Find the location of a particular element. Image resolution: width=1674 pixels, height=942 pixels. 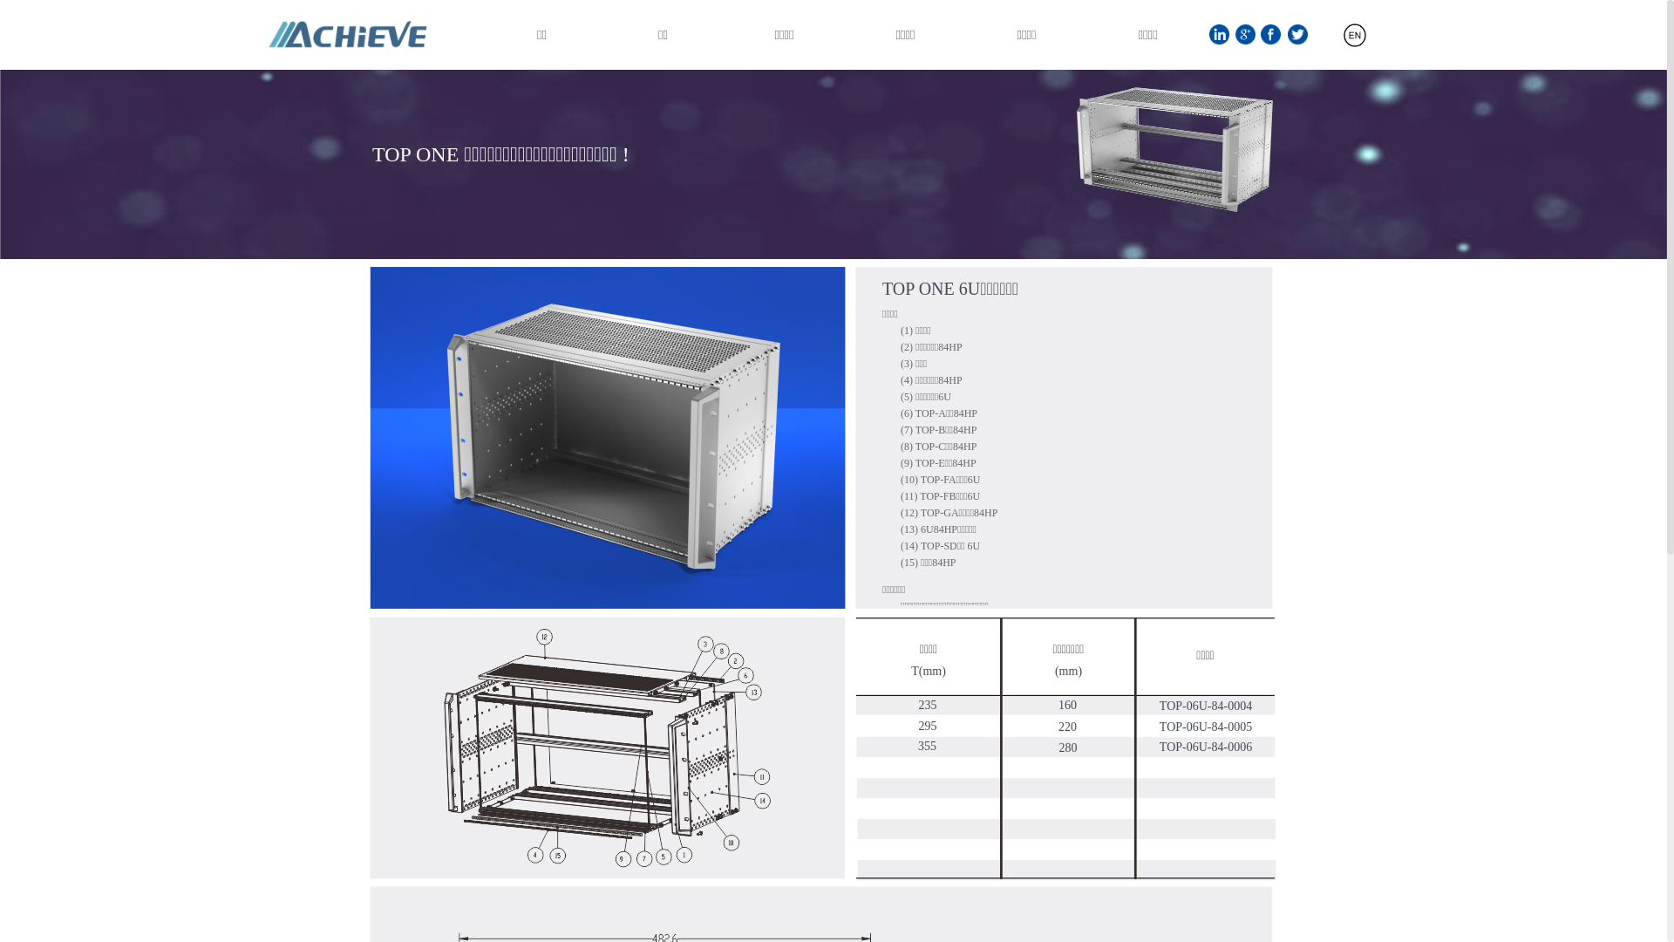

'English' is located at coordinates (1297, 41).